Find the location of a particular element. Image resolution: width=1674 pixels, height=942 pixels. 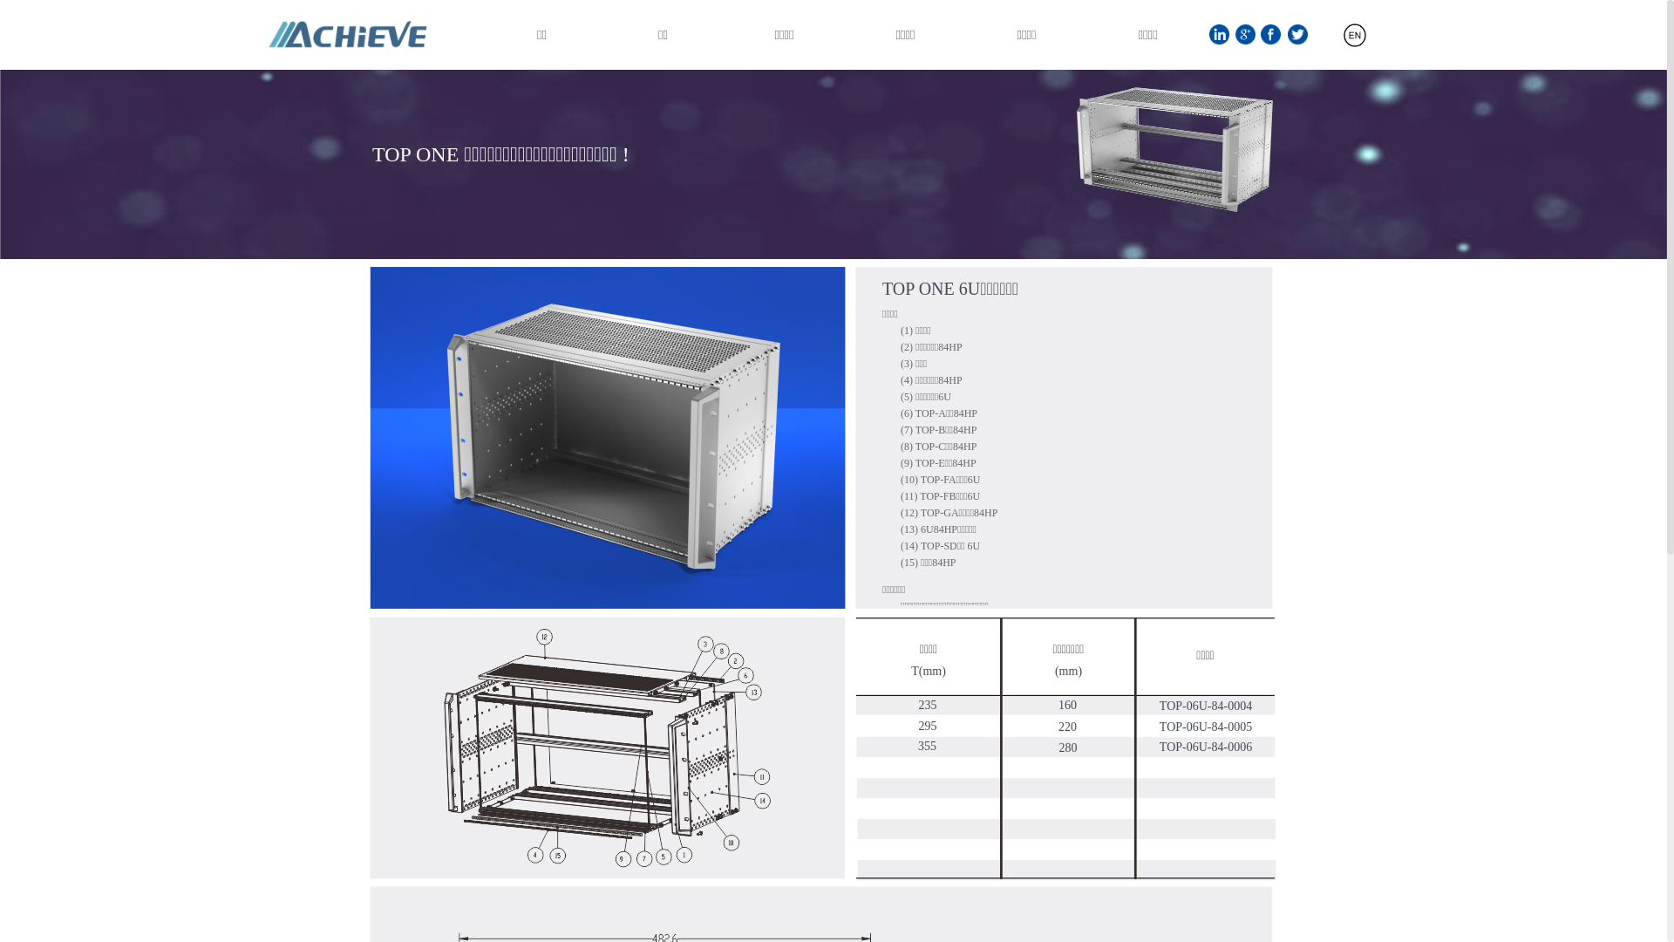

'English' is located at coordinates (1297, 41).